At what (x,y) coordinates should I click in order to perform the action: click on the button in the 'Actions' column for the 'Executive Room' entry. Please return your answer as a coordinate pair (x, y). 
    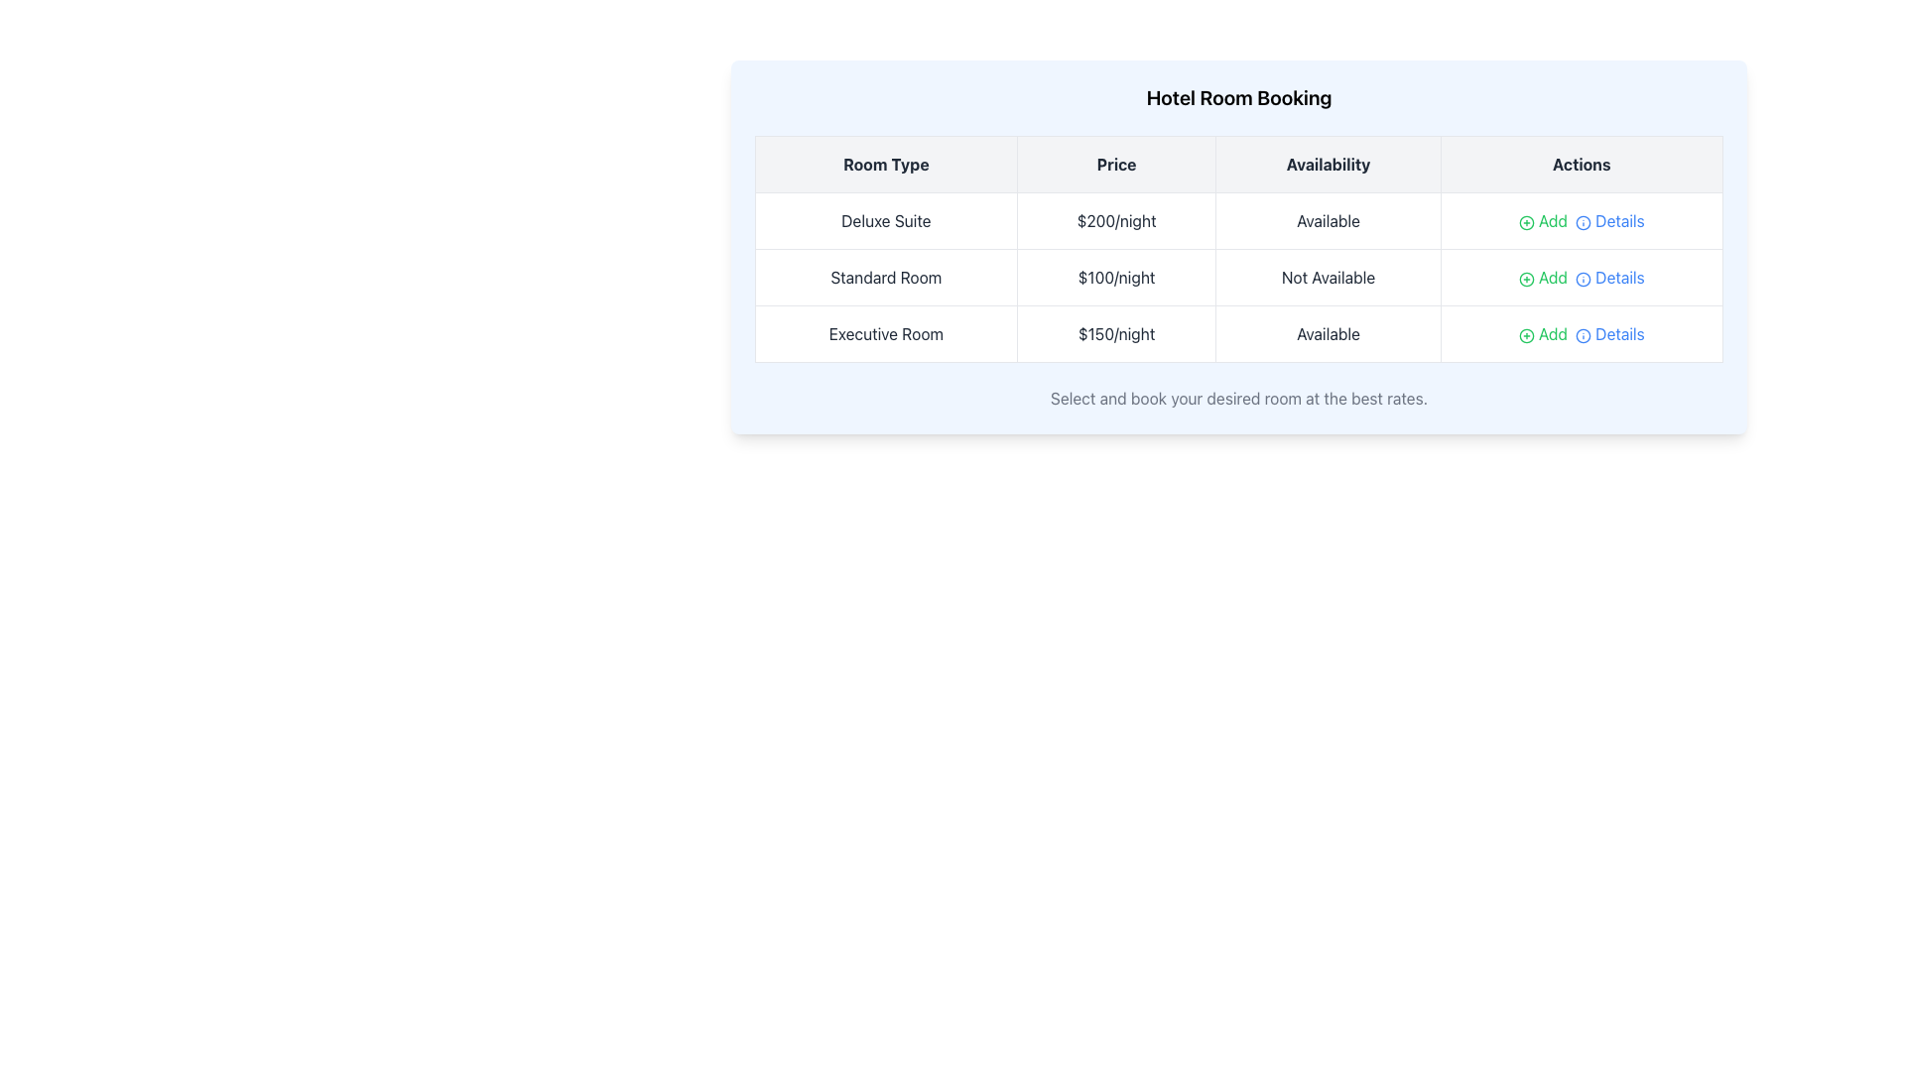
    Looking at the image, I should click on (1525, 334).